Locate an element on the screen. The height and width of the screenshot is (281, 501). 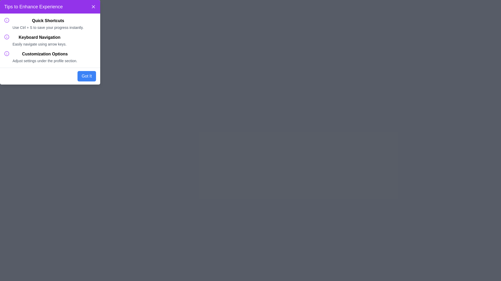
the information icon located to the left of the 'Customization Options' text in the 'Tips to Enhance Experience' dialog box is located at coordinates (7, 53).